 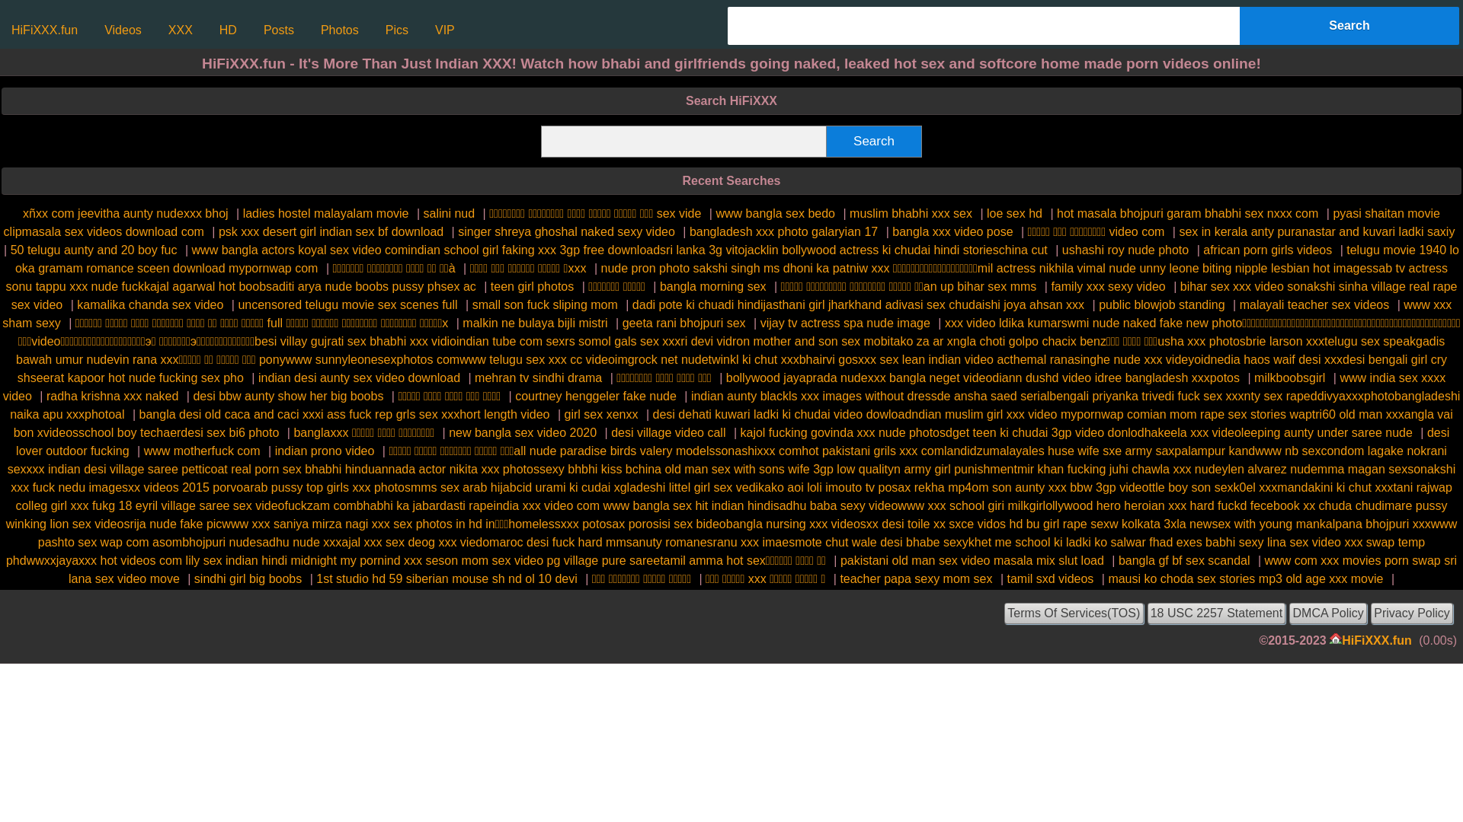 What do you see at coordinates (330, 231) in the screenshot?
I see `'psk xxx desert girl indian sex bf download'` at bounding box center [330, 231].